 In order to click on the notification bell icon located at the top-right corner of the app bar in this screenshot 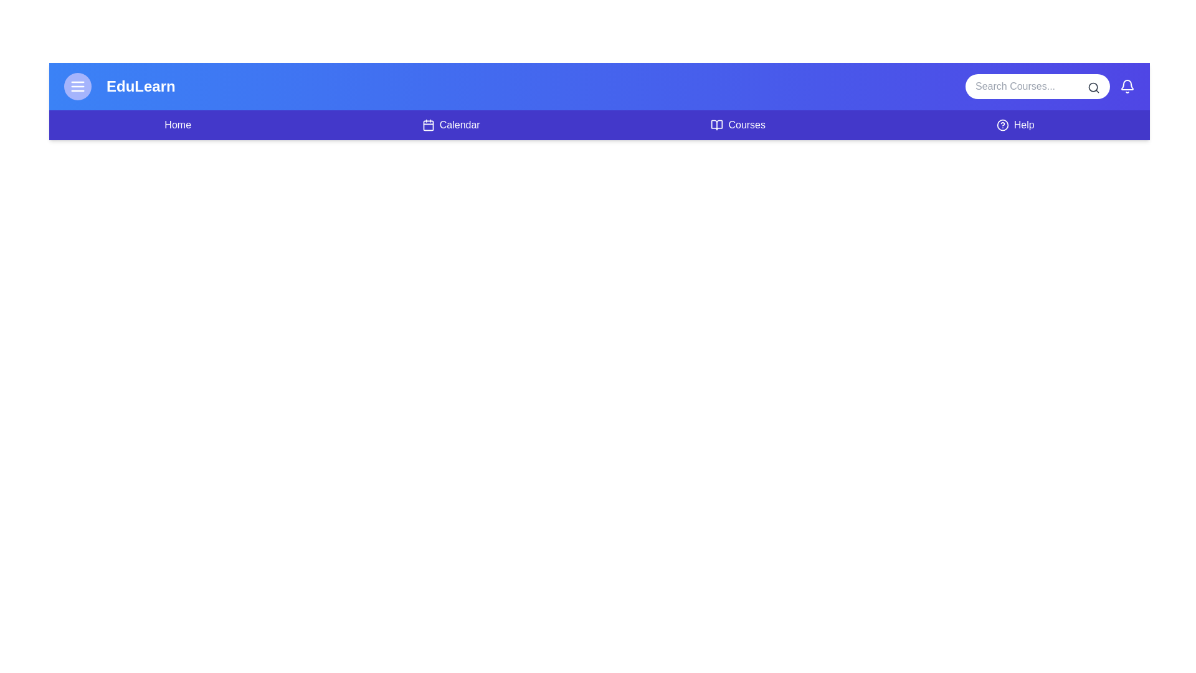, I will do `click(1127, 85)`.